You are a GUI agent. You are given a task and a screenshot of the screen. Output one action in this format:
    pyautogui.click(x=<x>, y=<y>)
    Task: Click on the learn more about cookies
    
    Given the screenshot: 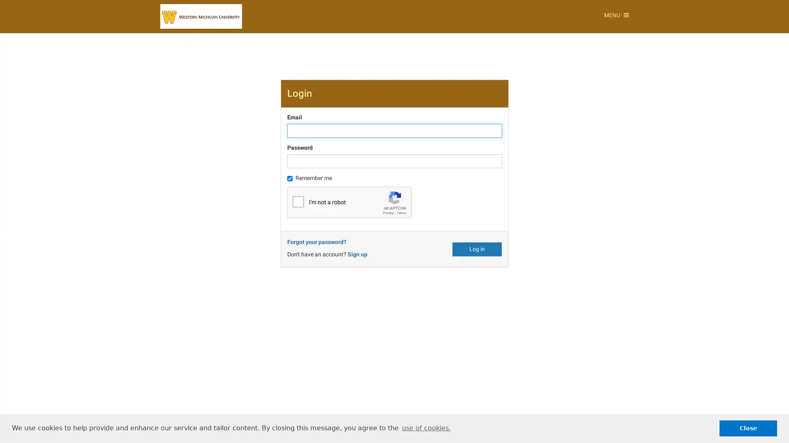 What is the action you would take?
    pyautogui.click(x=426, y=428)
    